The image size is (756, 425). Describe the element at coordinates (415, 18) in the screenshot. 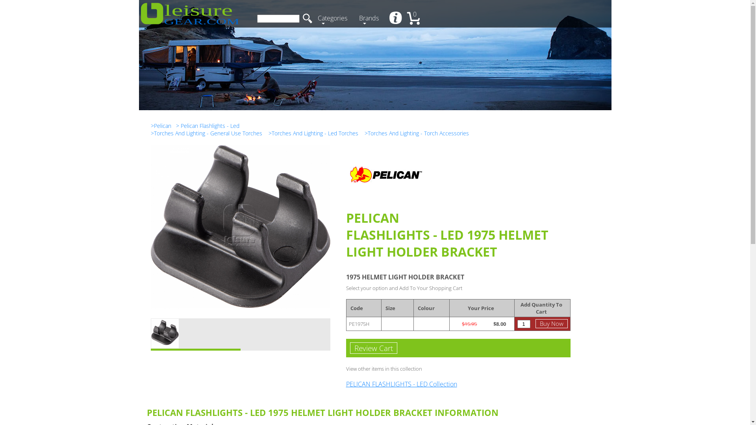

I see `'0'` at that location.